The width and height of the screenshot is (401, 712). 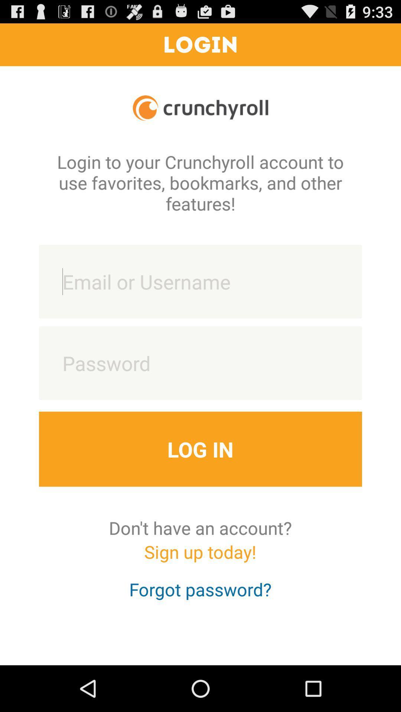 What do you see at coordinates (200, 527) in the screenshot?
I see `the don t have` at bounding box center [200, 527].